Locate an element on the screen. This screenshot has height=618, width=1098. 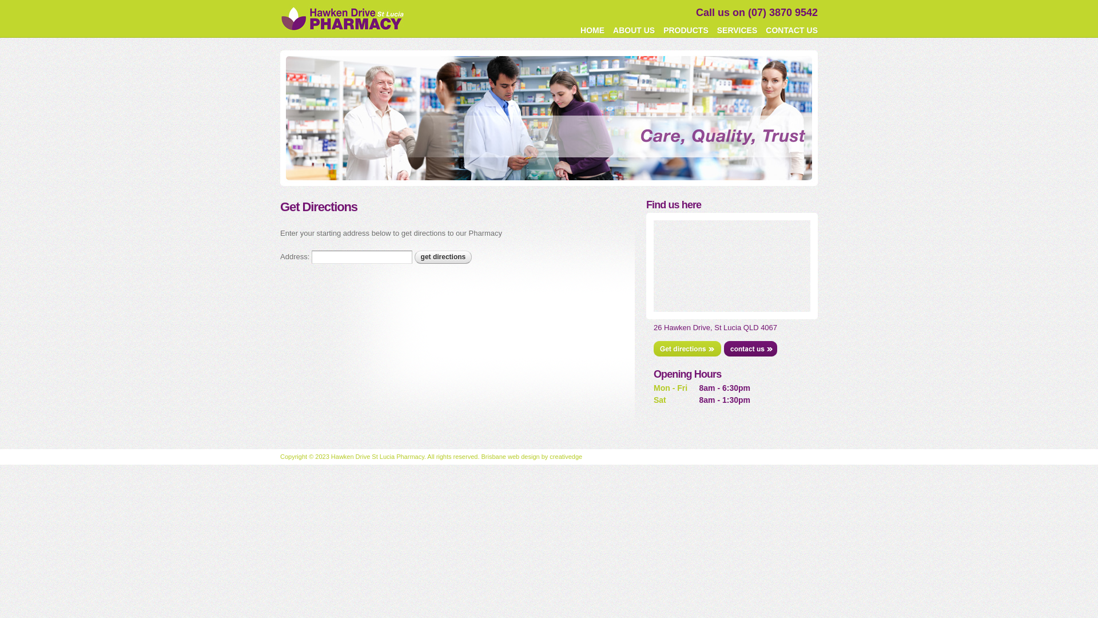
'ABOUT US' is located at coordinates (633, 30).